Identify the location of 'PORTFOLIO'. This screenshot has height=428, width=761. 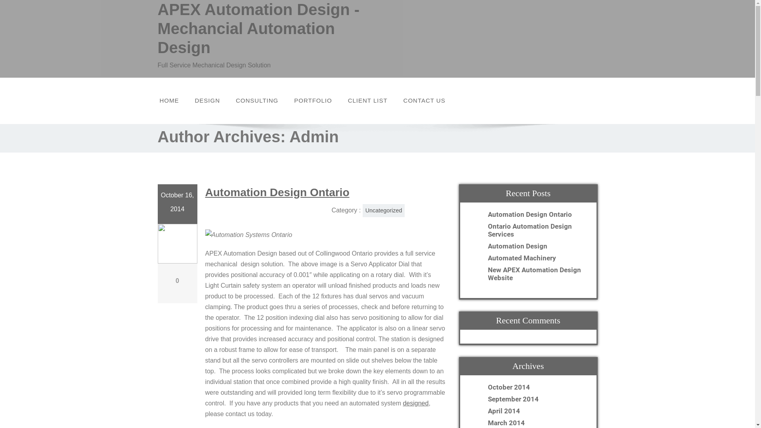
(312, 100).